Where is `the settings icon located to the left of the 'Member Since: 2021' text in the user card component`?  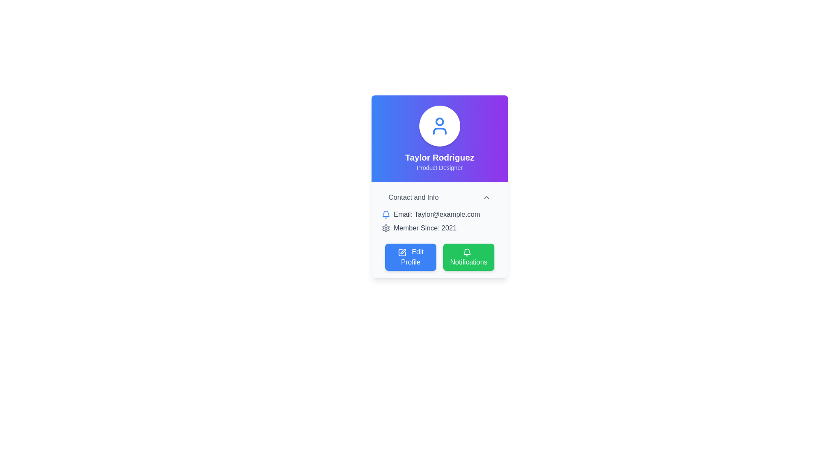
the settings icon located to the left of the 'Member Since: 2021' text in the user card component is located at coordinates (386, 228).